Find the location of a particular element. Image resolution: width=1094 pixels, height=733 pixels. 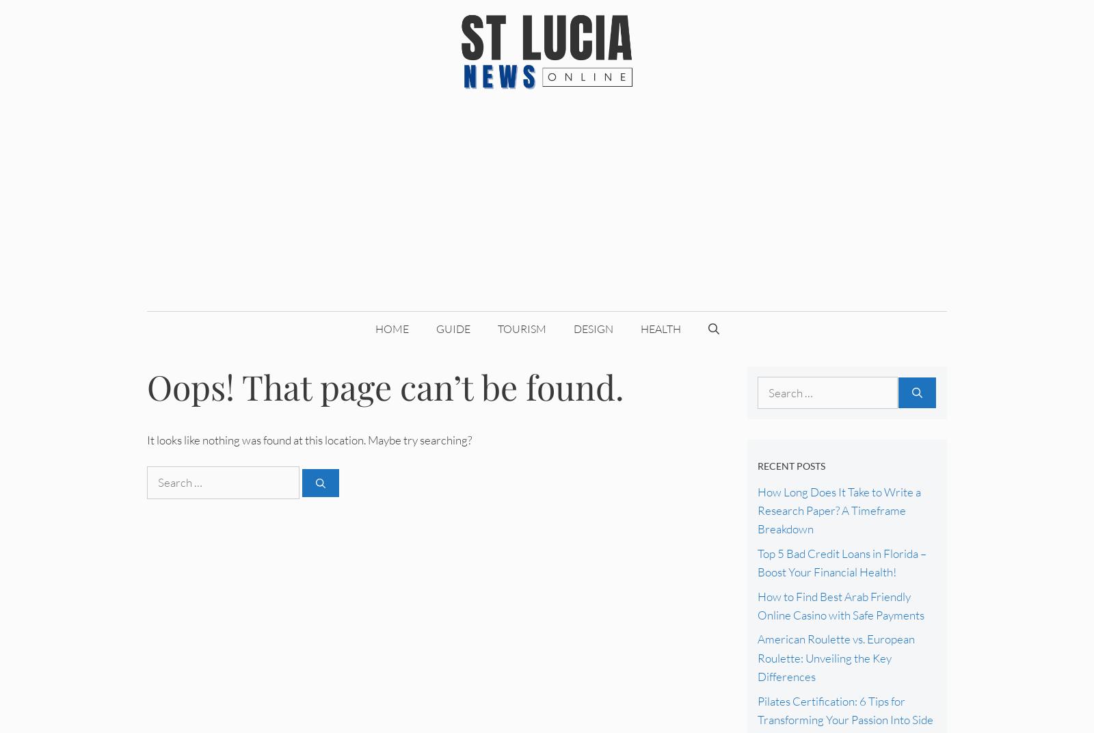

'Tourism' is located at coordinates (521, 328).